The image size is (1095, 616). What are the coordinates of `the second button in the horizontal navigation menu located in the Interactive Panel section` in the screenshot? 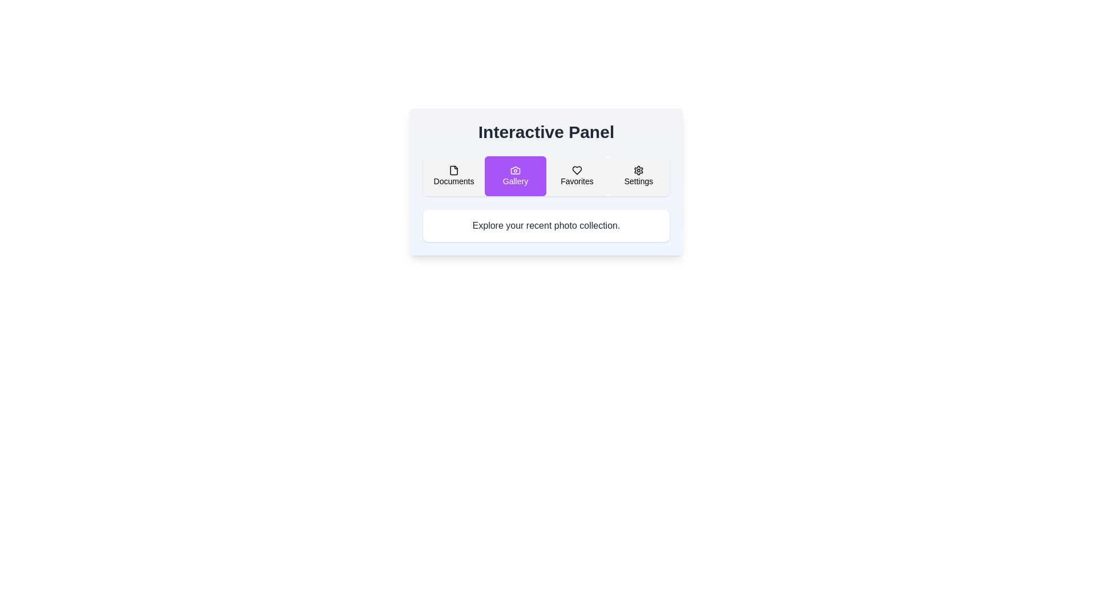 It's located at (546, 176).